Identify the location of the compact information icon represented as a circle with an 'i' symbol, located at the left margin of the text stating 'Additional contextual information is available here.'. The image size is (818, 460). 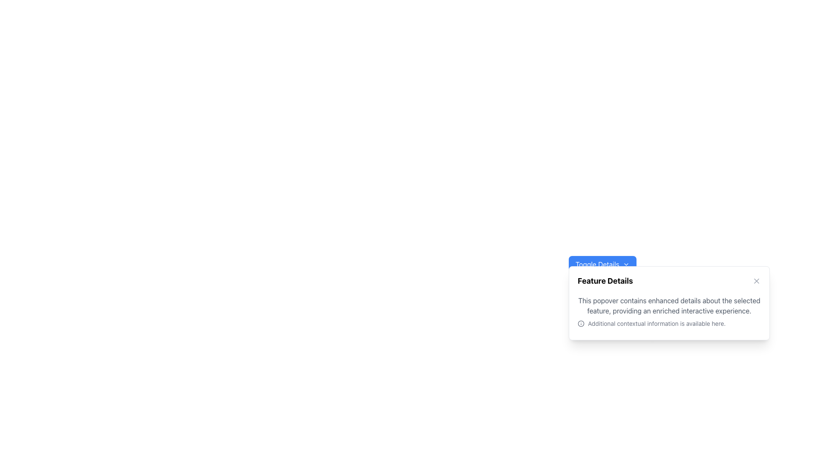
(580, 323).